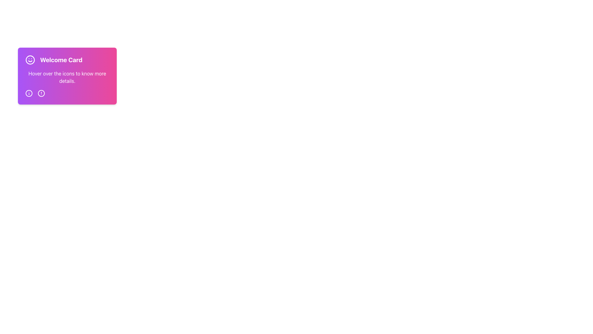 This screenshot has width=593, height=334. What do you see at coordinates (41, 93) in the screenshot?
I see `the second circular icon with an alert symbol at the bottom of the 'Welcome Card'` at bounding box center [41, 93].